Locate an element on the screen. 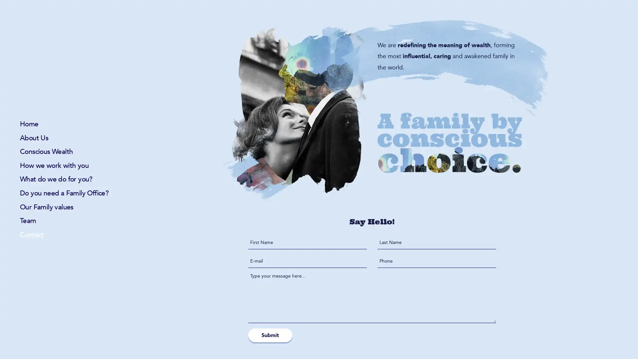 This screenshot has height=359, width=638. Submit is located at coordinates (270, 335).